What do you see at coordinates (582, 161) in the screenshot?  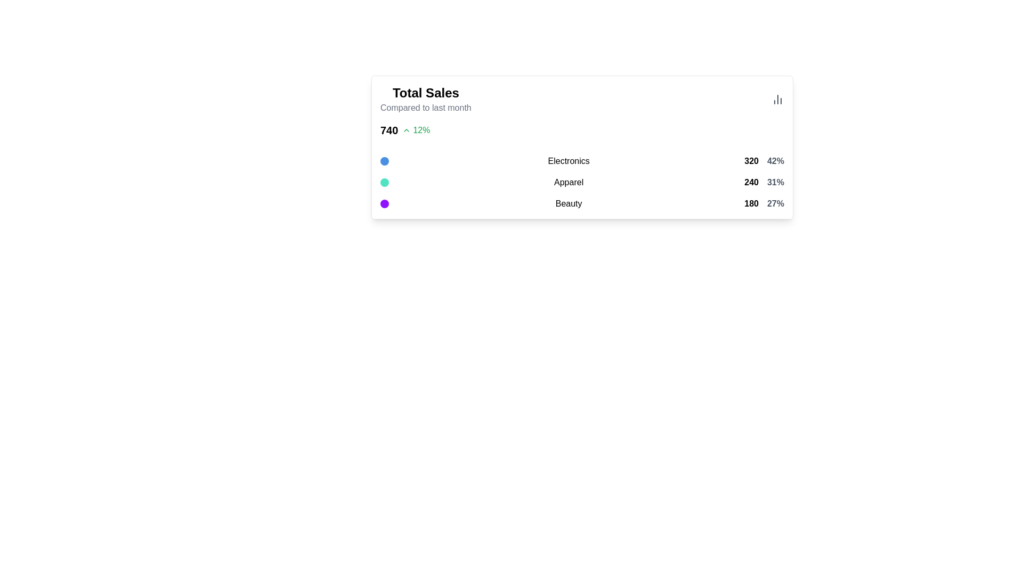 I see `data details from the first horizontal list entry in the summary chart for the 'Electronics' category, which indicates a count of '320' and a percentage contribution of '42%'` at bounding box center [582, 161].